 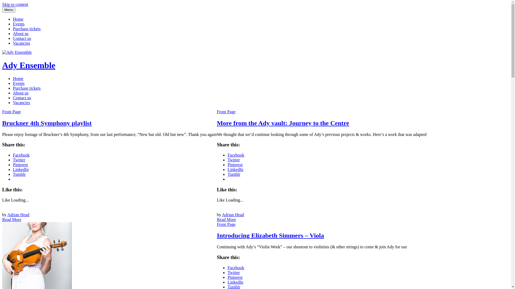 What do you see at coordinates (235, 282) in the screenshot?
I see `'LinkedIn'` at bounding box center [235, 282].